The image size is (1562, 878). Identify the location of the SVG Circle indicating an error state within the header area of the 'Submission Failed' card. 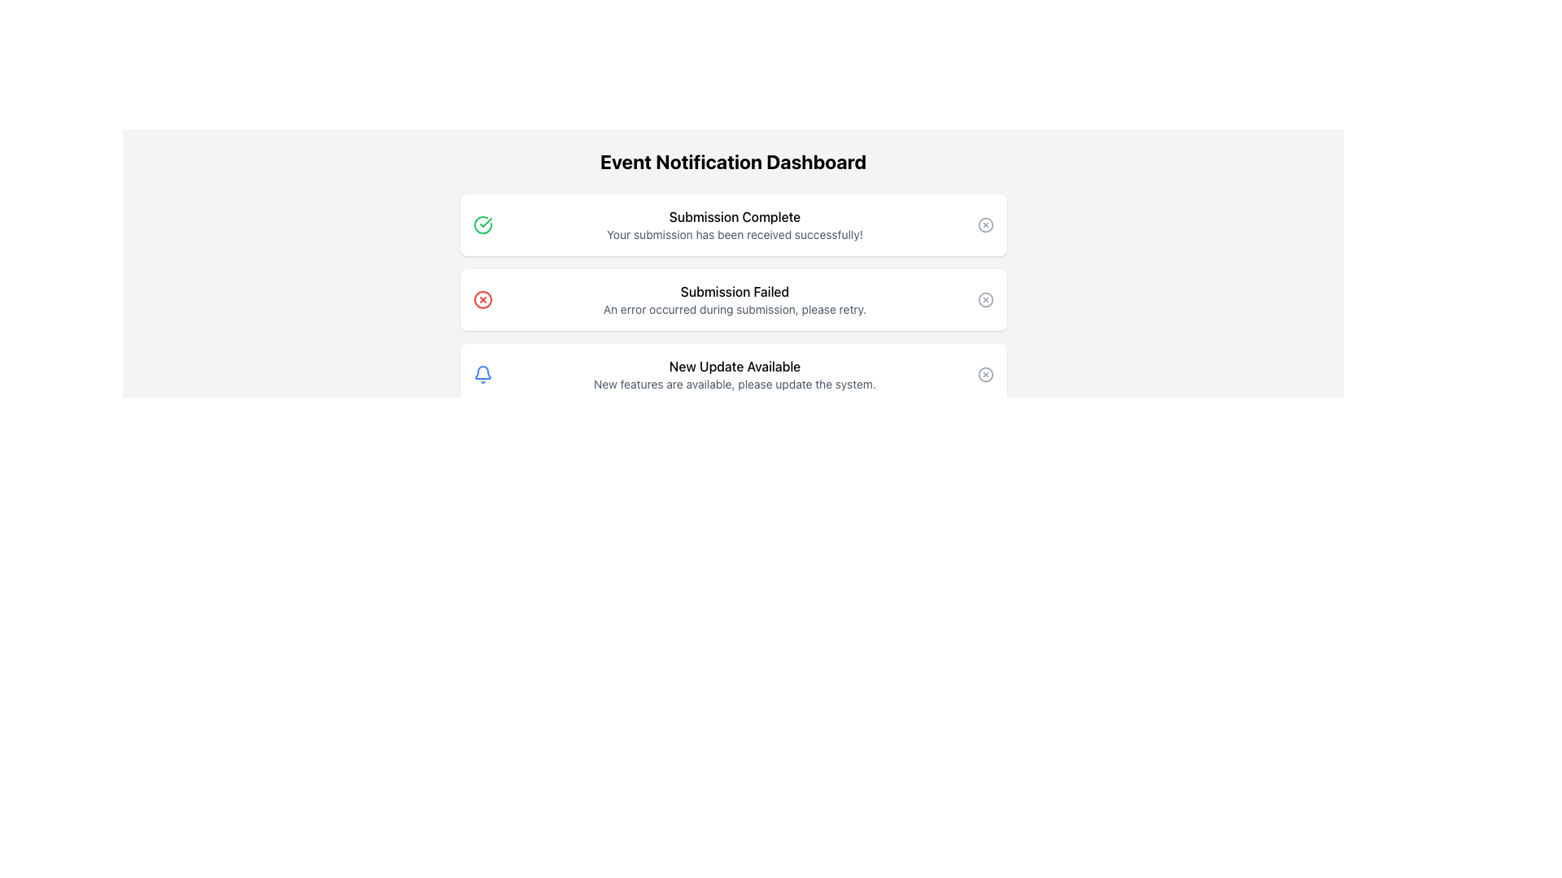
(984, 300).